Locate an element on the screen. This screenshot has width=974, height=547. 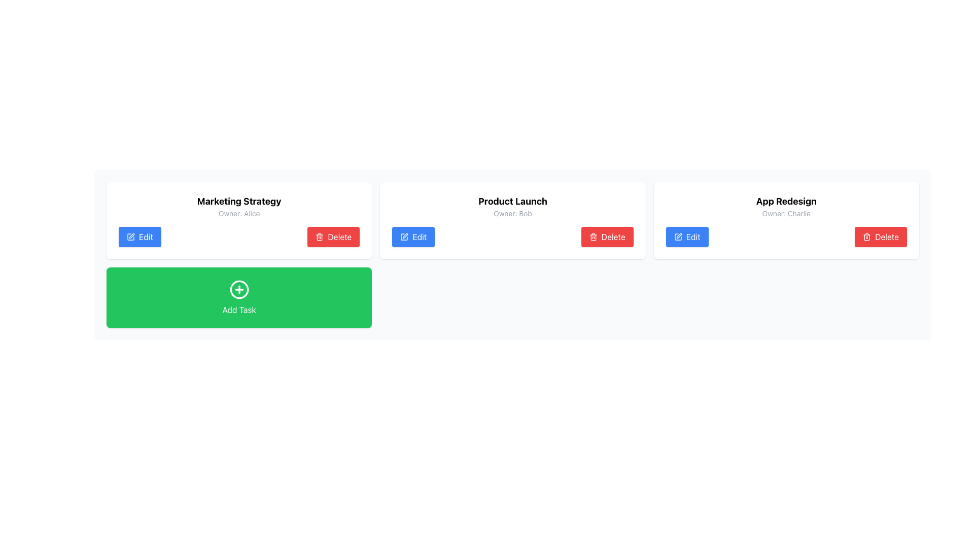
the body of the trash can icon, which is styled with rounded edges and has no fill color, located to the right of the 'Edit' button in the 'Marketing Strategy' card is located at coordinates (319, 238).